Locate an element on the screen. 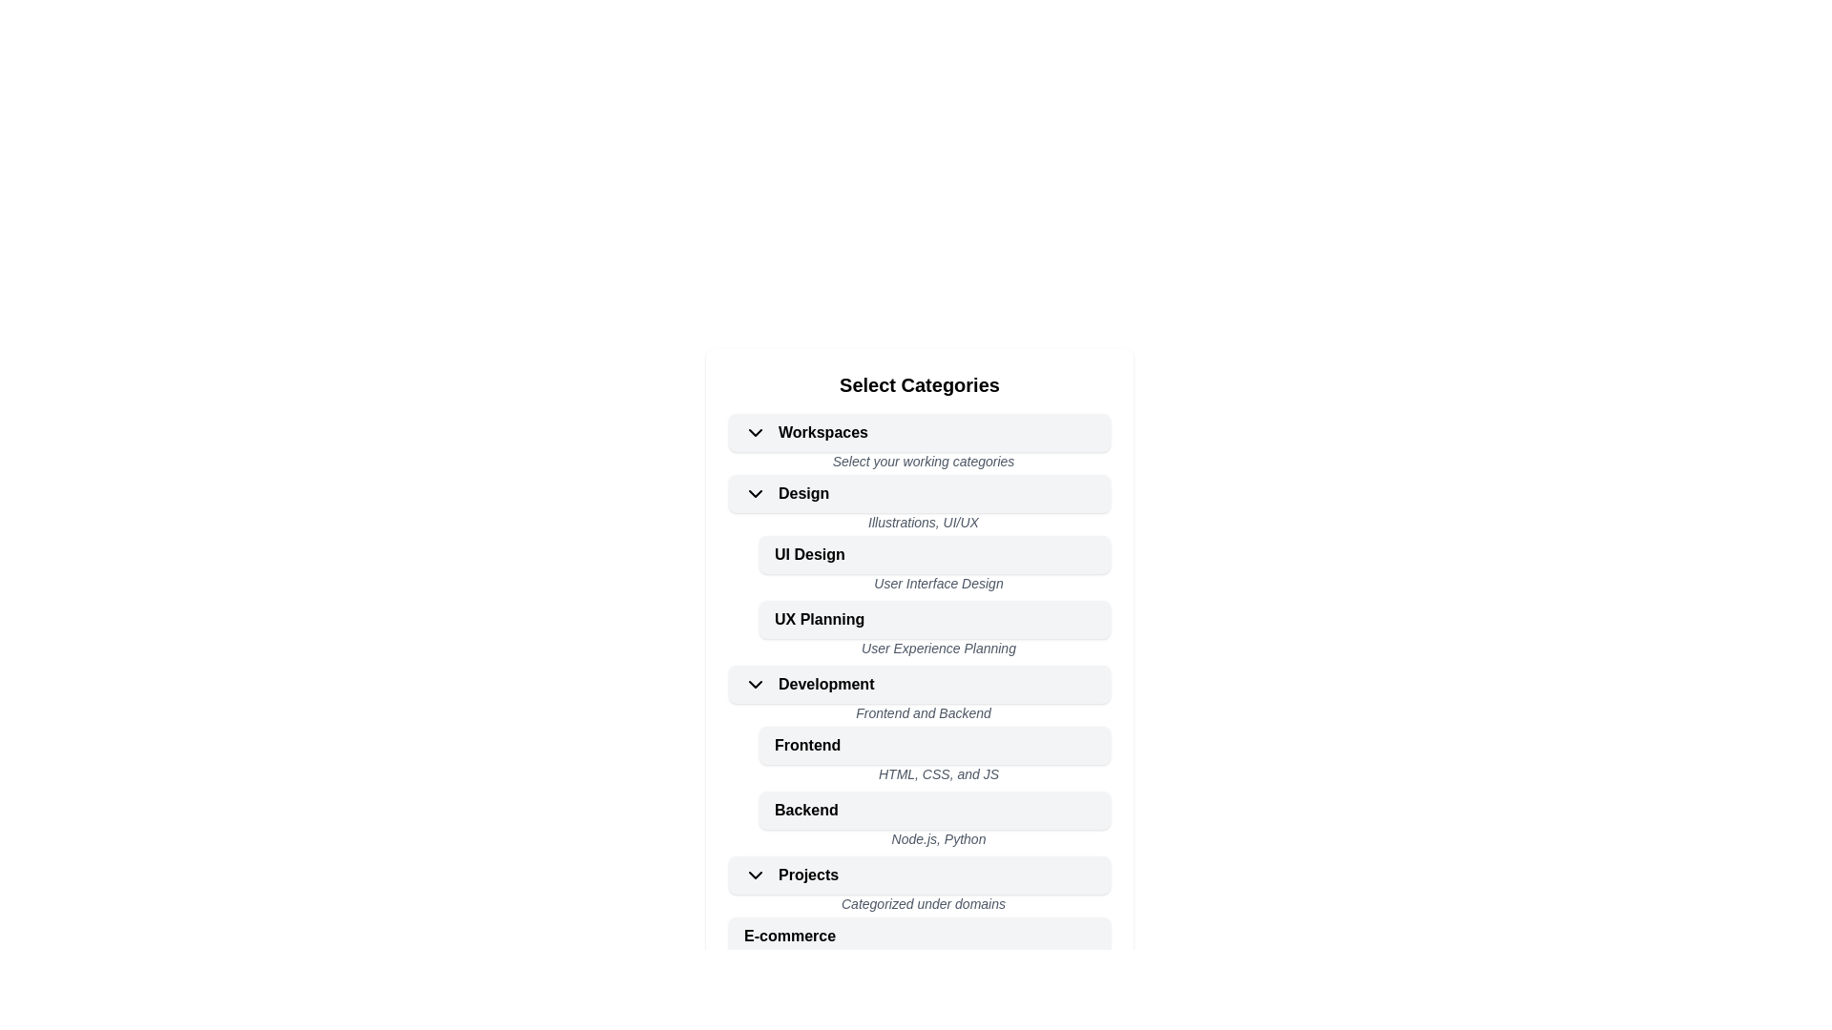 The height and width of the screenshot is (1030, 1832). the 'Workspaces' category header text label is located at coordinates (805, 433).